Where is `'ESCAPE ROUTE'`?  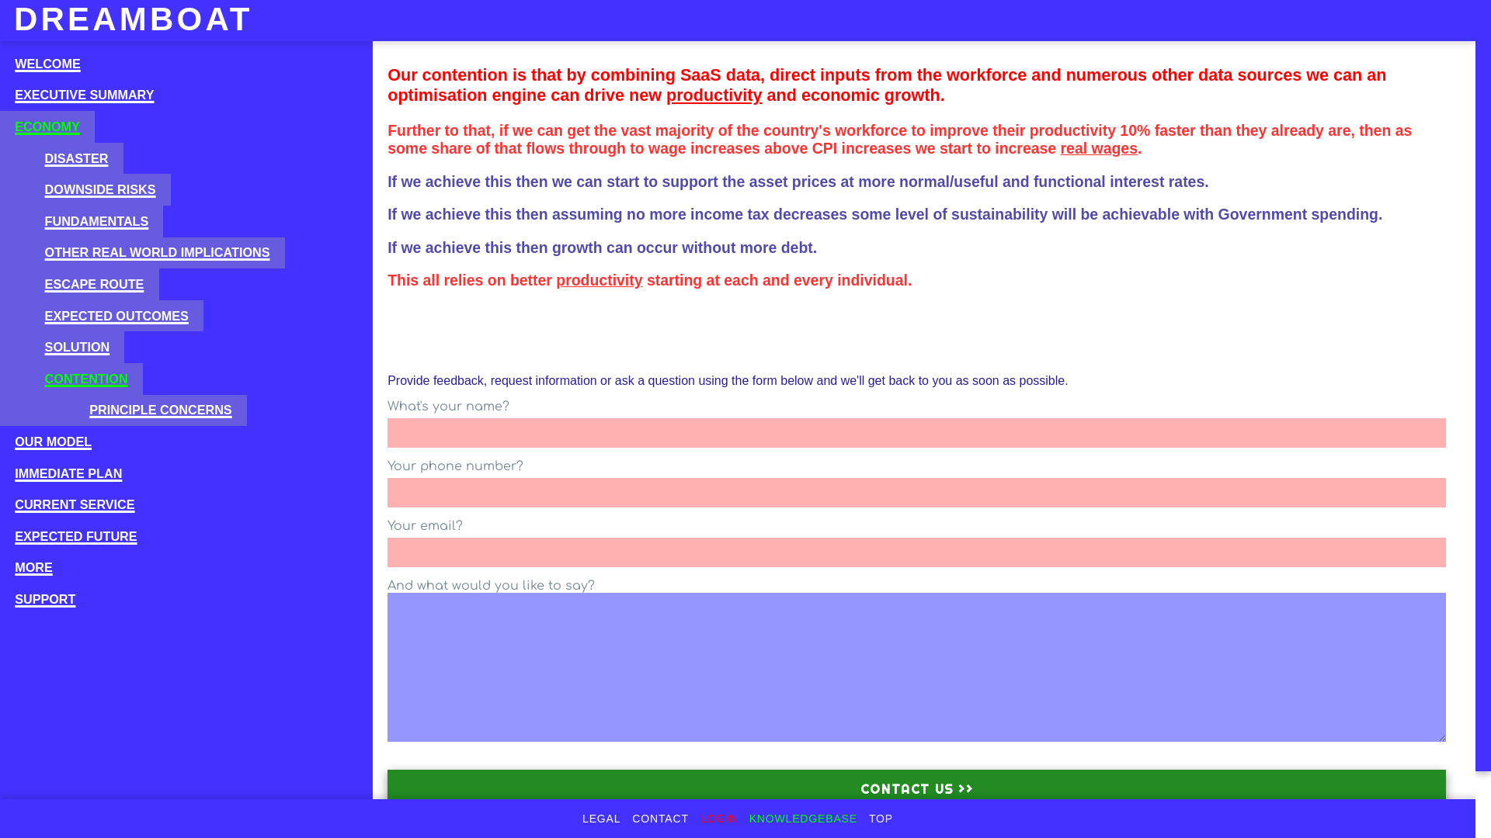
'ESCAPE ROUTE' is located at coordinates (78, 284).